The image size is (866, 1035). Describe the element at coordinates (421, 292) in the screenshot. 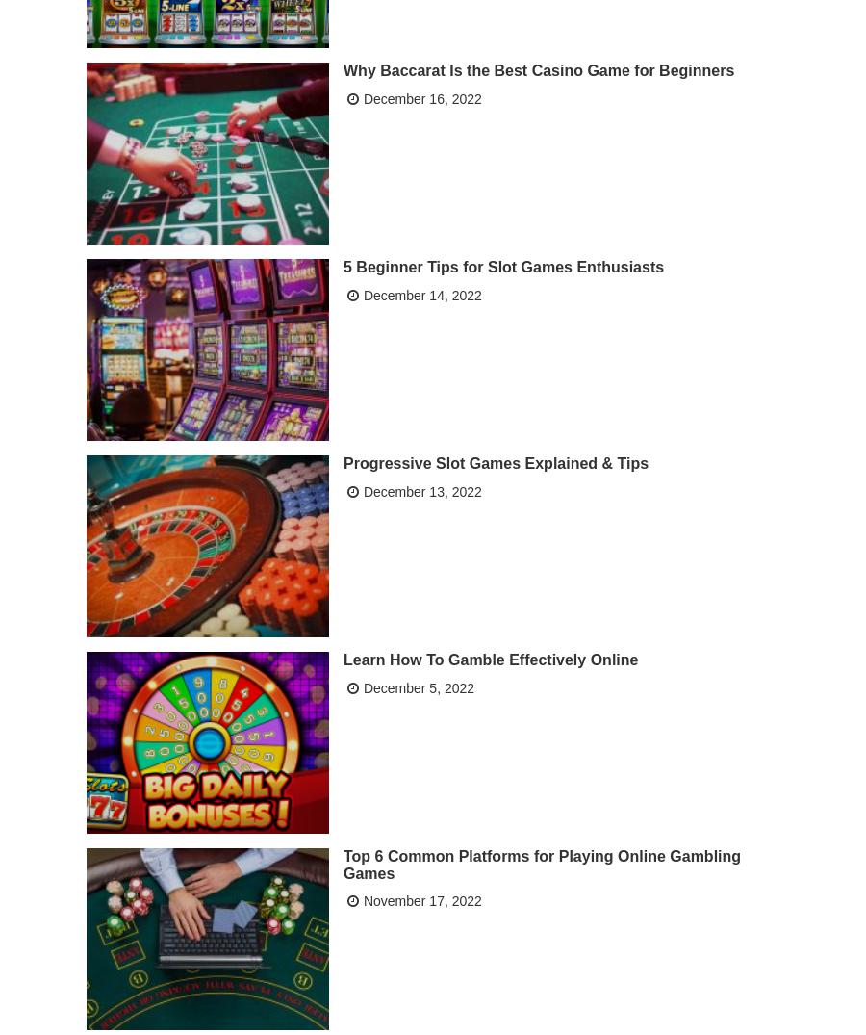

I see `'December 14, 2022'` at that location.